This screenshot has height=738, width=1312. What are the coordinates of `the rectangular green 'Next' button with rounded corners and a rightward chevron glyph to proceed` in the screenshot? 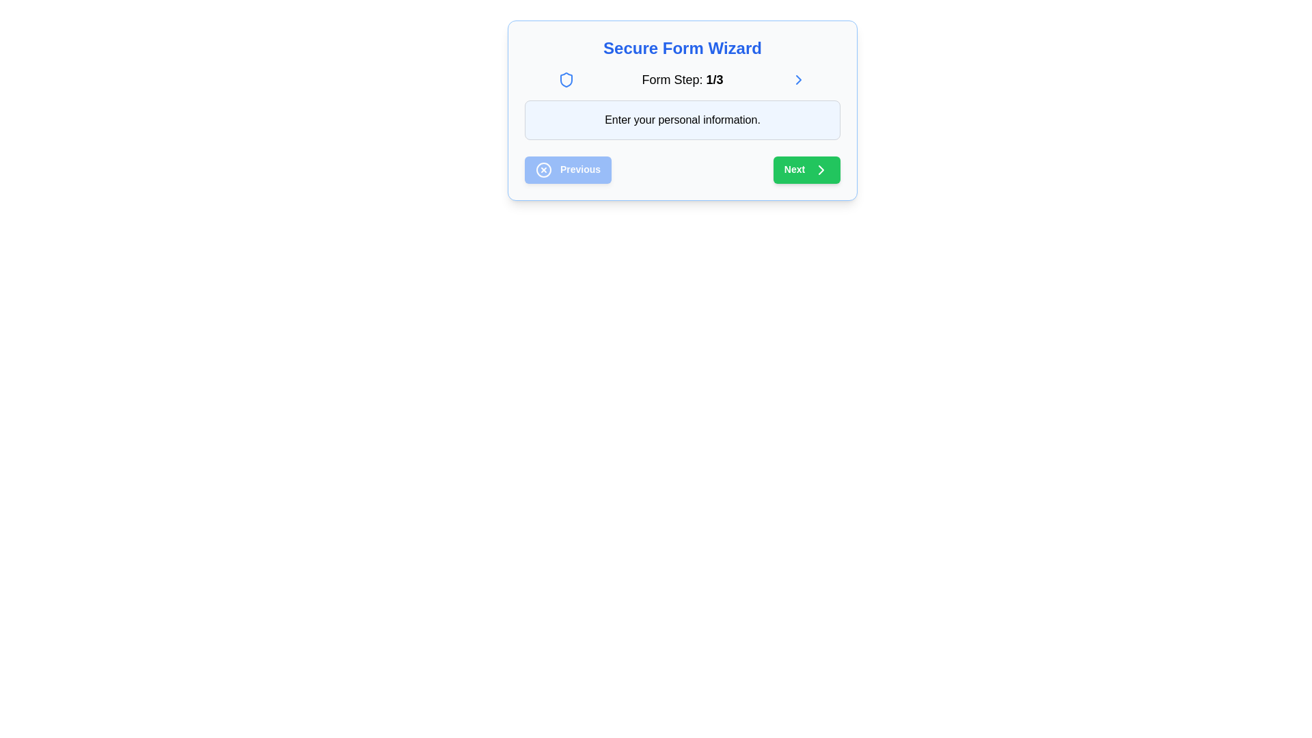 It's located at (806, 169).